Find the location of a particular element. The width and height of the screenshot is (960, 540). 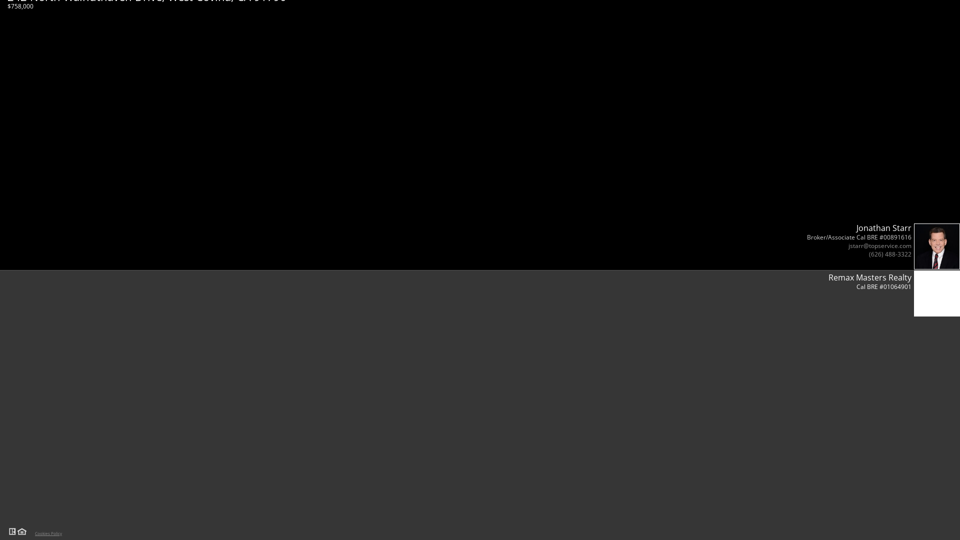

'jstarr@topservice.com' is located at coordinates (880, 245).